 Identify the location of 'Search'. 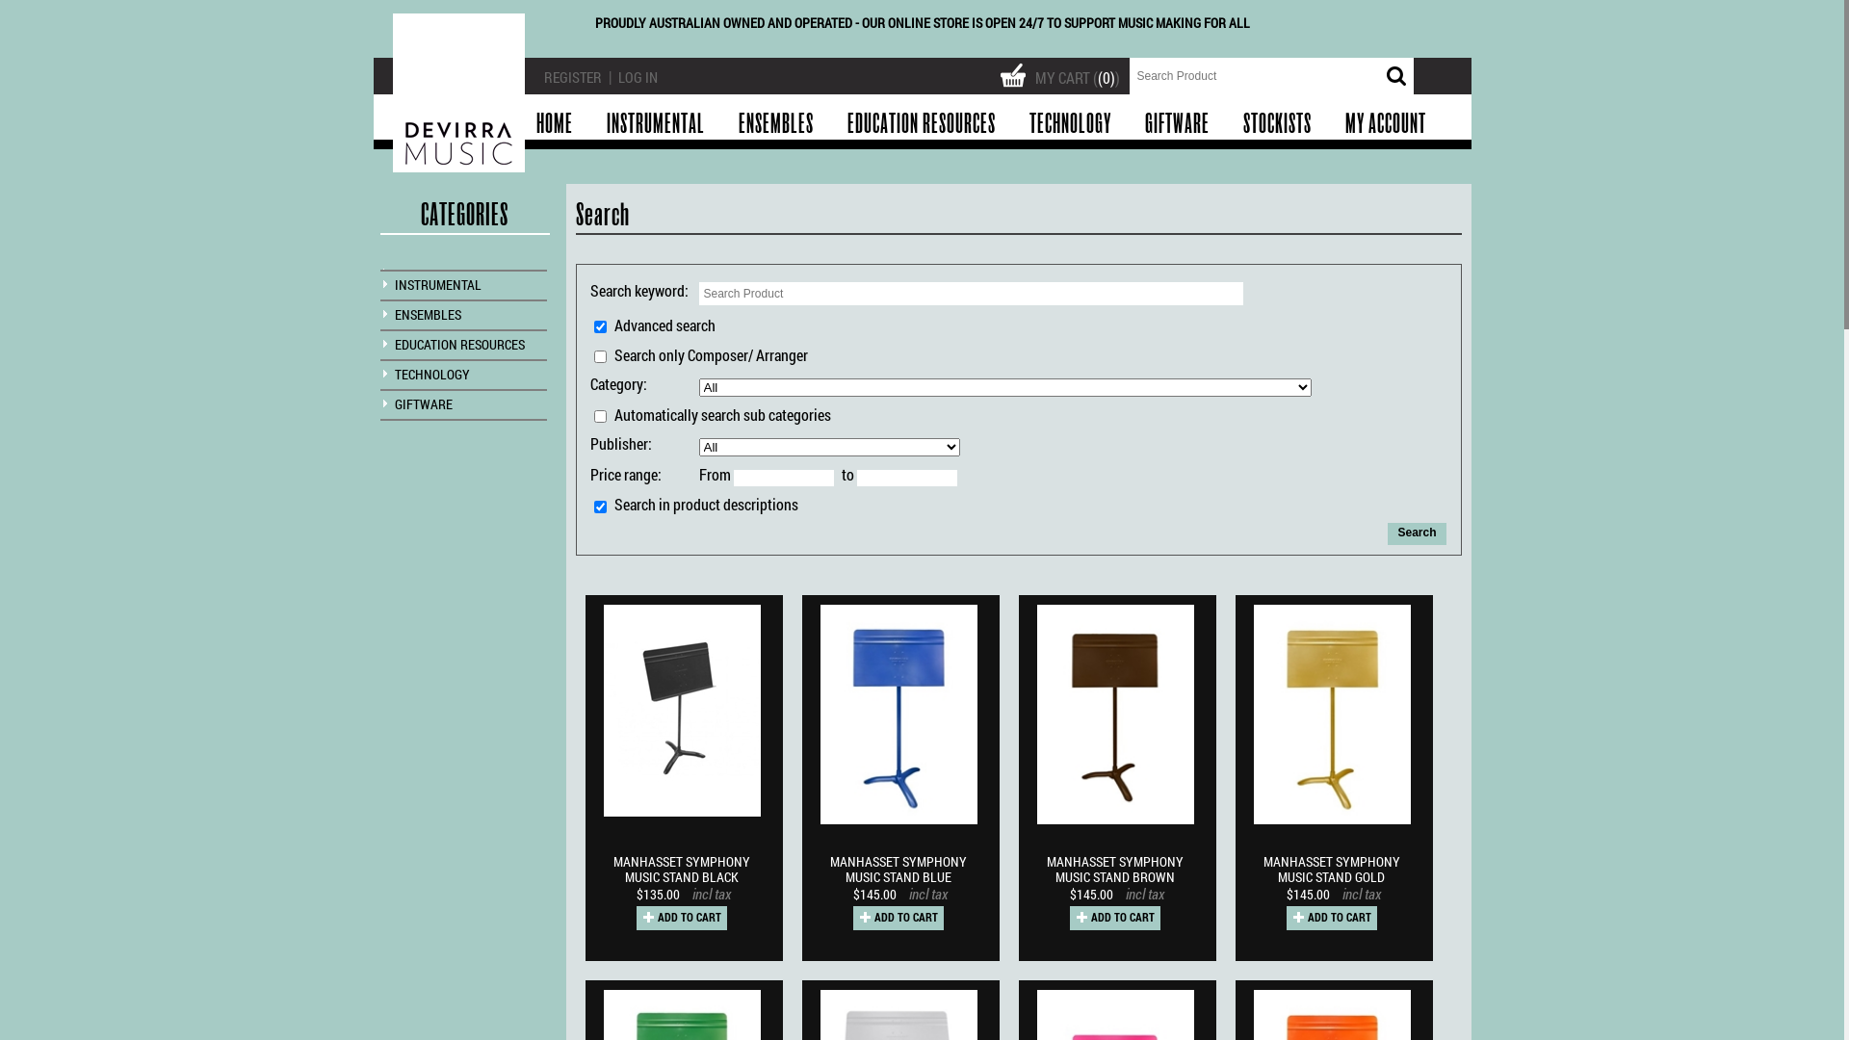
(1387, 533).